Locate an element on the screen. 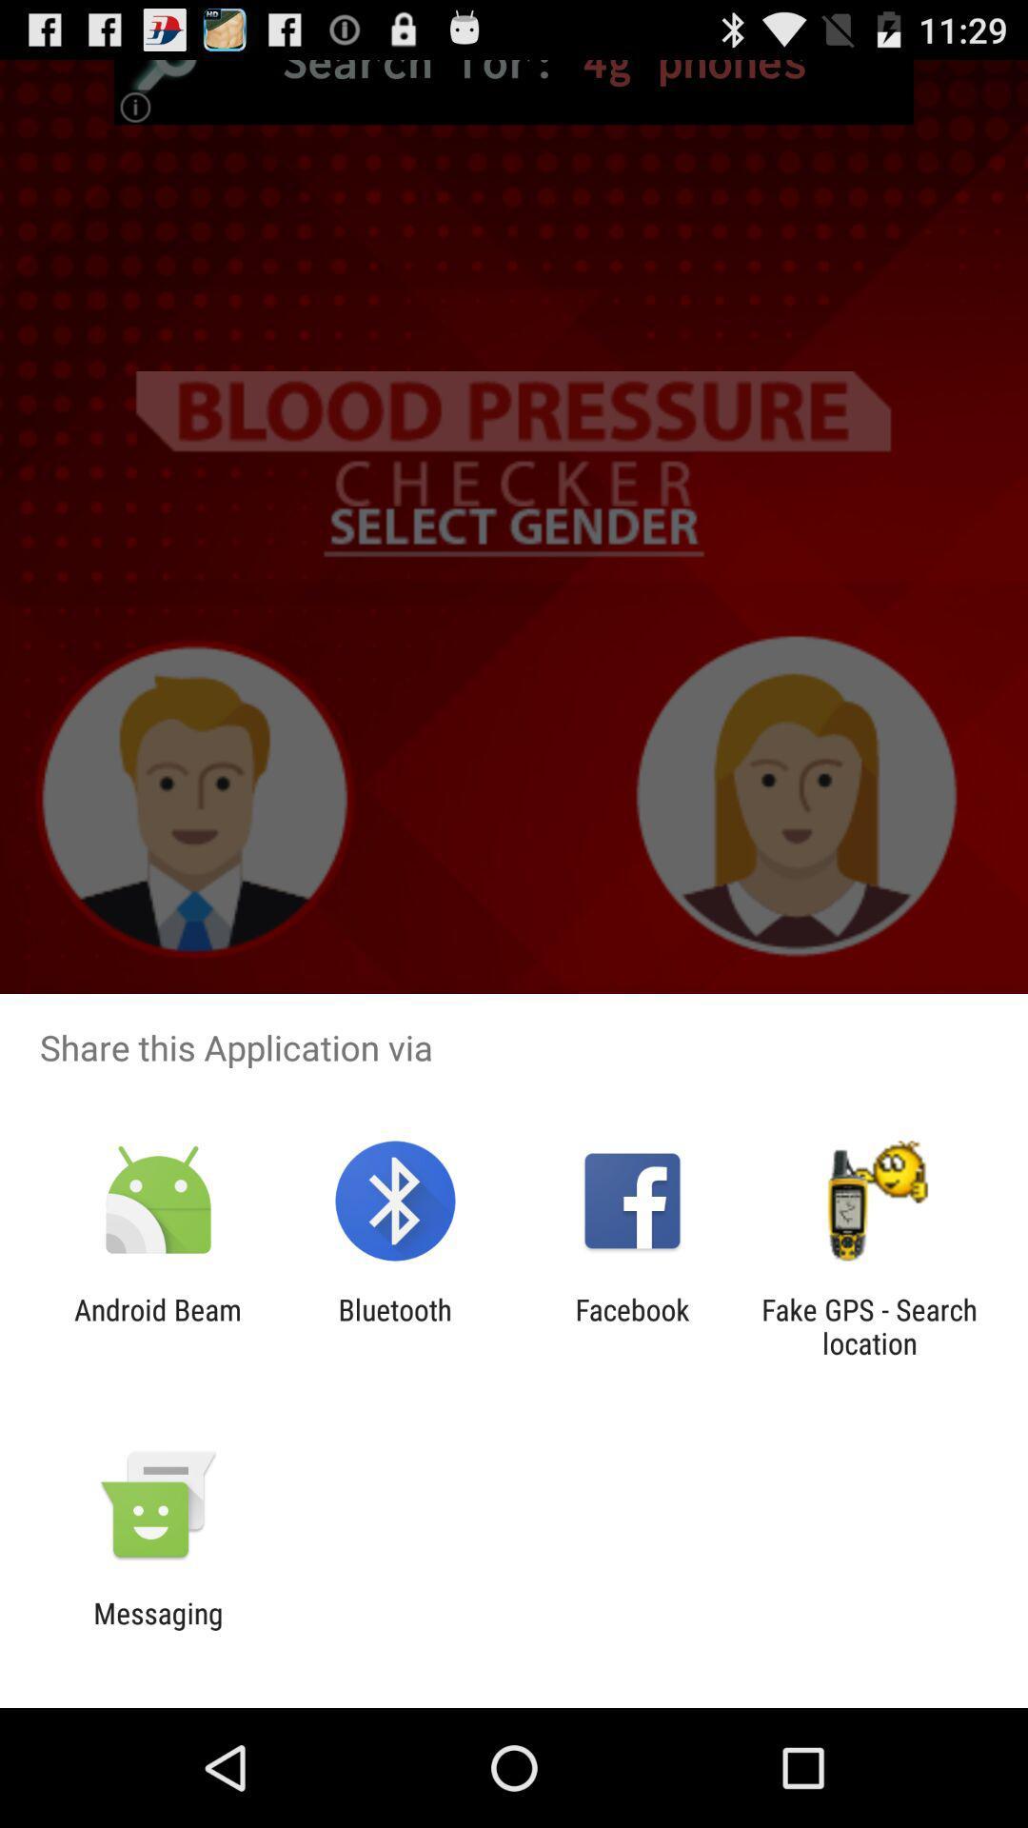  the android beam app is located at coordinates (157, 1325).